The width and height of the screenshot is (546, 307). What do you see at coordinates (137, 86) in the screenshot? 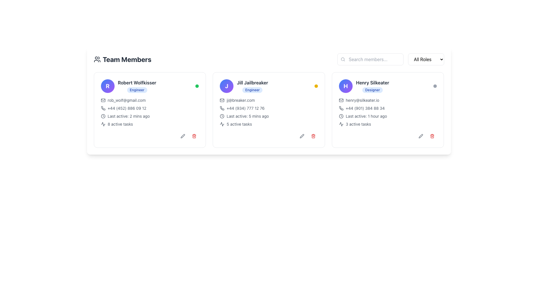
I see `the text display component with a badge that shows the name and role of a team member, located in the top-left corner of a card, adjacent to a blue circular icon with the letter 'R'` at bounding box center [137, 86].